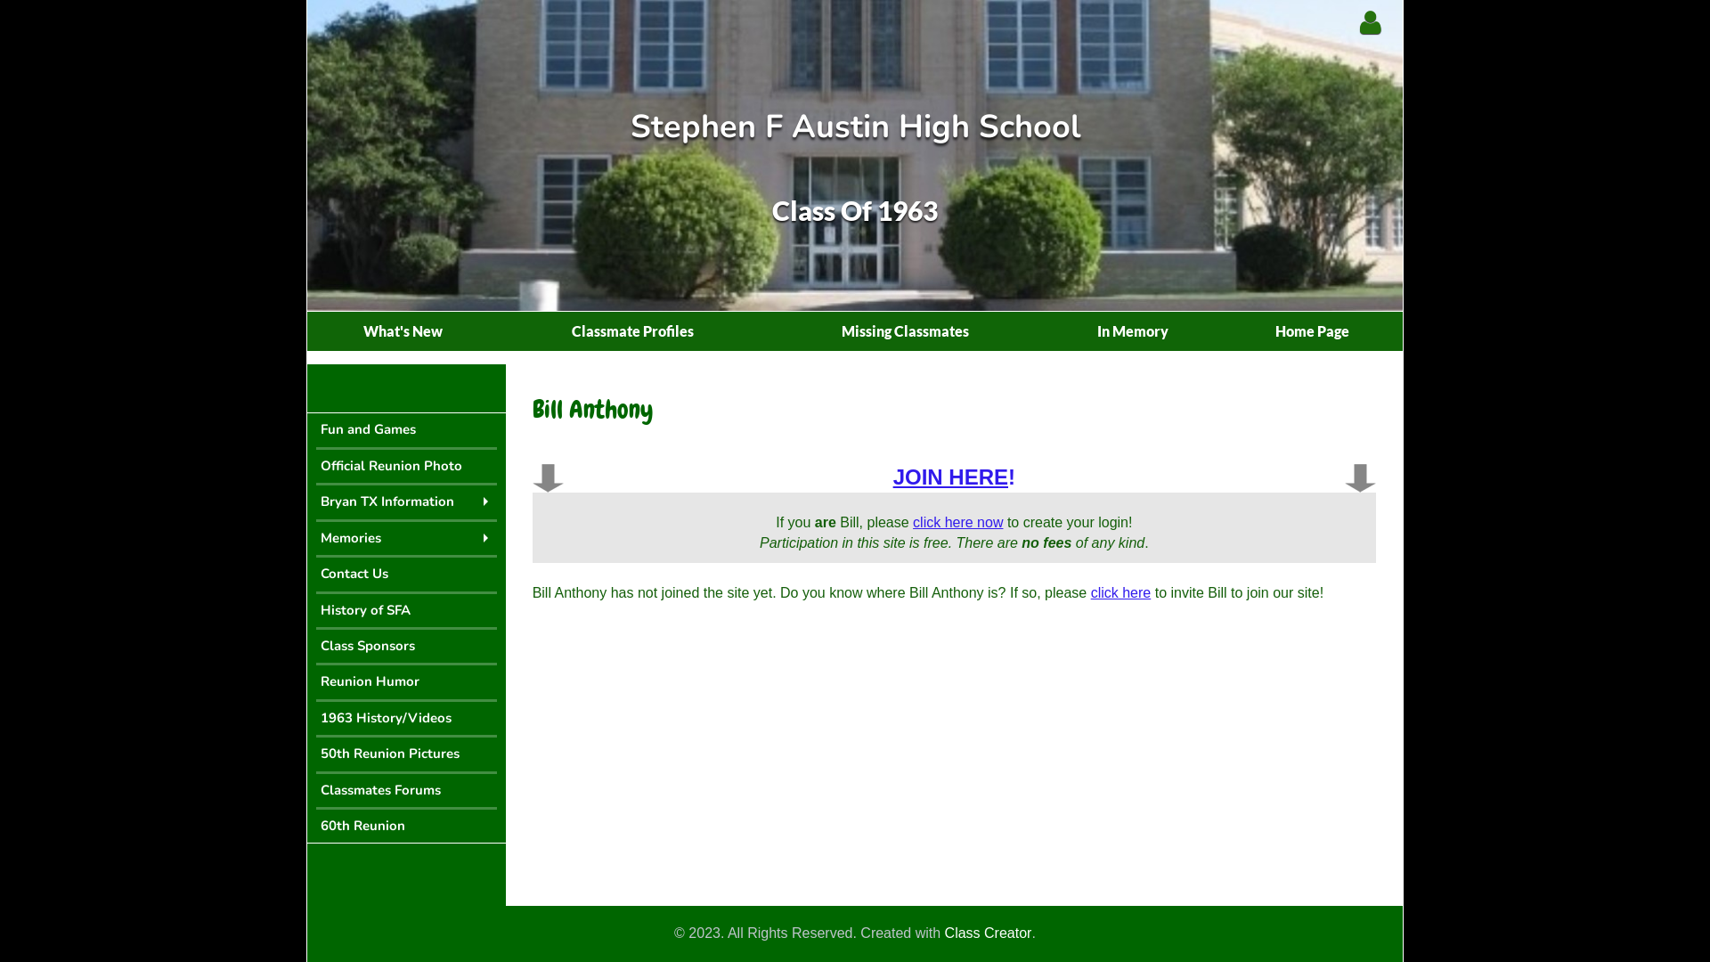 Image resolution: width=1710 pixels, height=962 pixels. Describe the element at coordinates (893, 476) in the screenshot. I see `'JOIN HERE!'` at that location.